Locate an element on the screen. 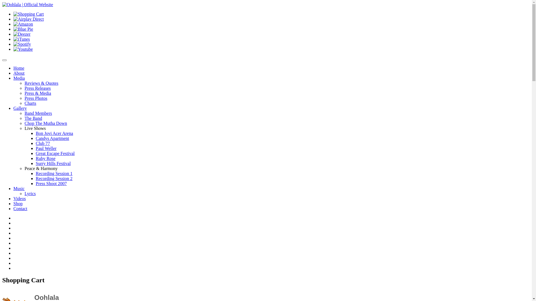 The image size is (536, 301). 'Blue Pie ' is located at coordinates (13, 29).